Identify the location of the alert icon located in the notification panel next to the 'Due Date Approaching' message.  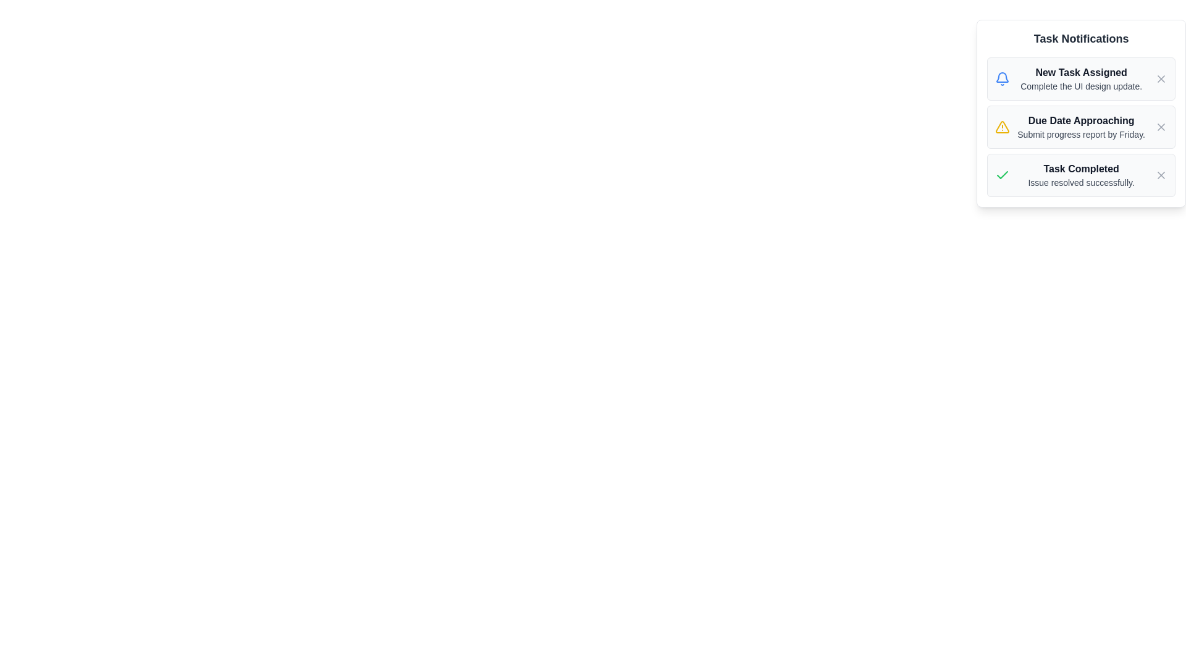
(1003, 127).